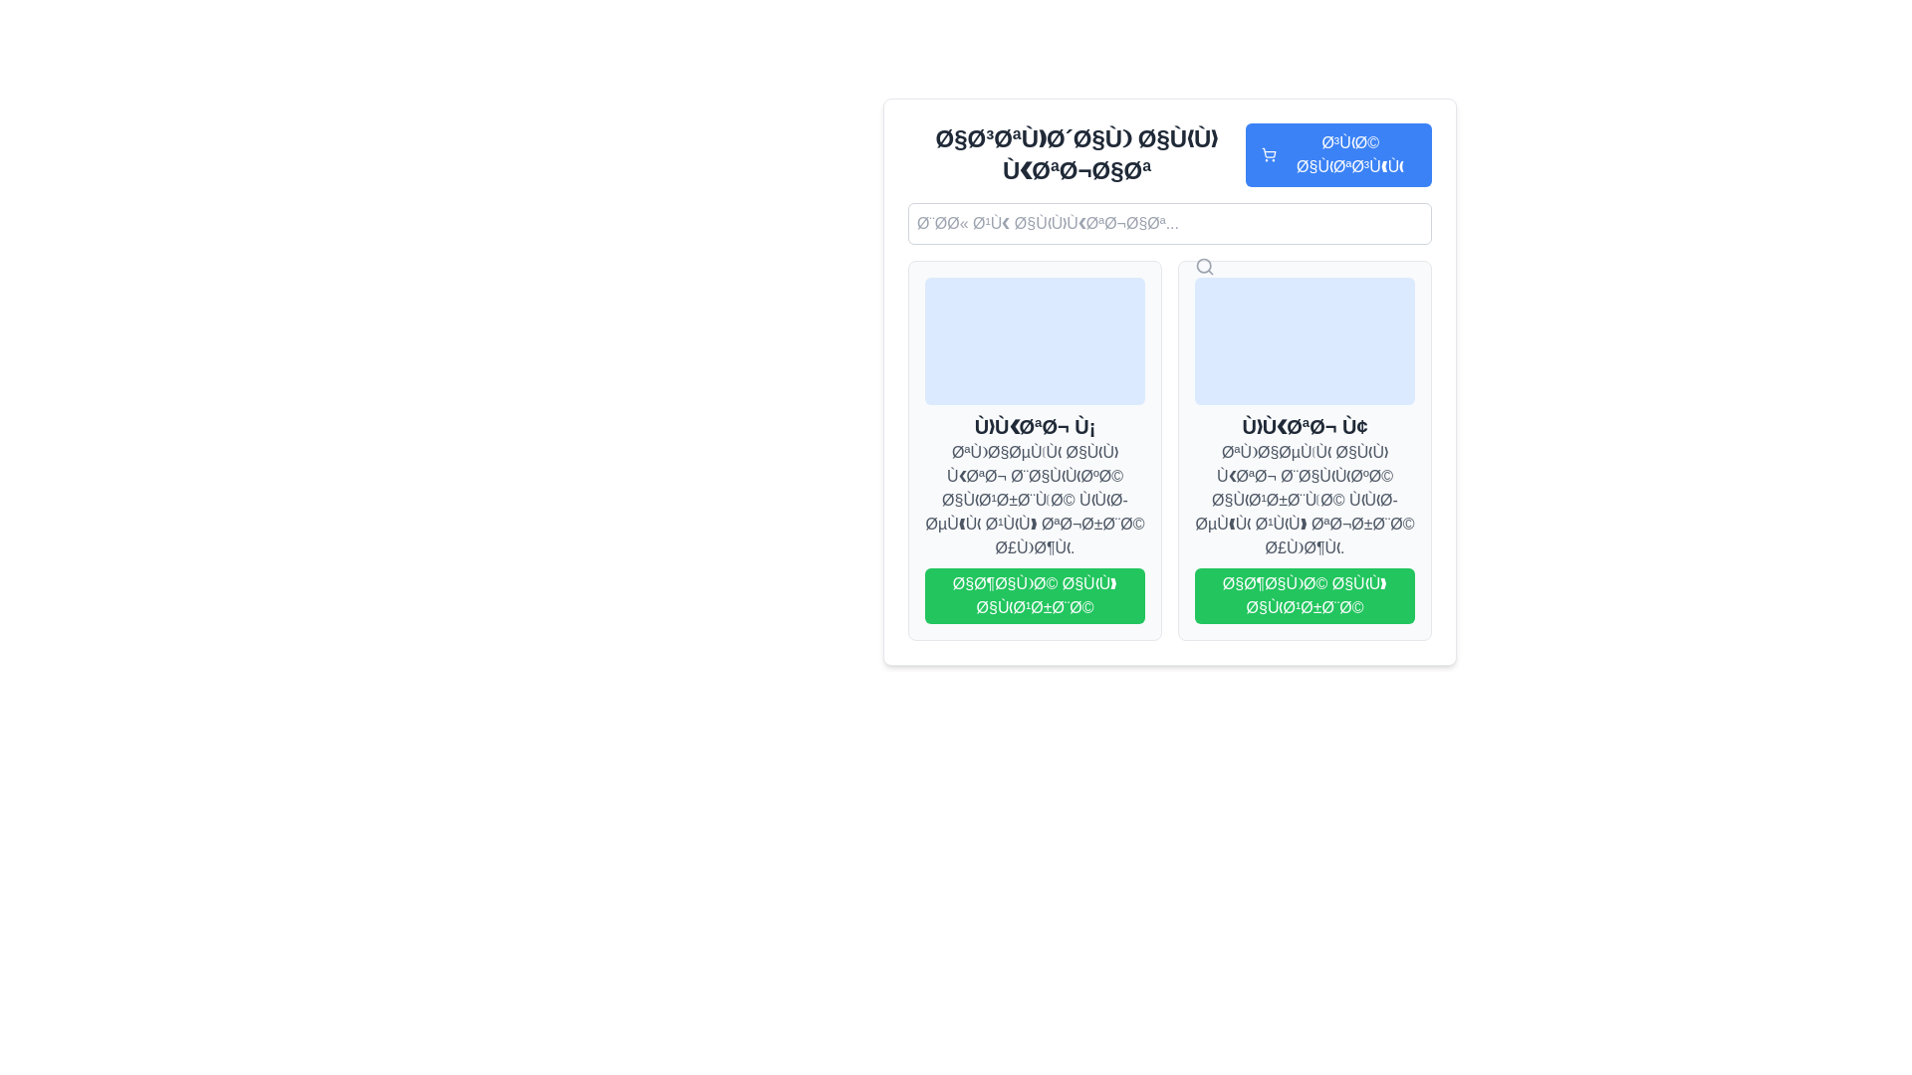 The image size is (1912, 1075). Describe the element at coordinates (1268, 152) in the screenshot. I see `the SVG graphic representing the shopping cart in the upper-right section of the interface, adjacent to the search bar` at that location.